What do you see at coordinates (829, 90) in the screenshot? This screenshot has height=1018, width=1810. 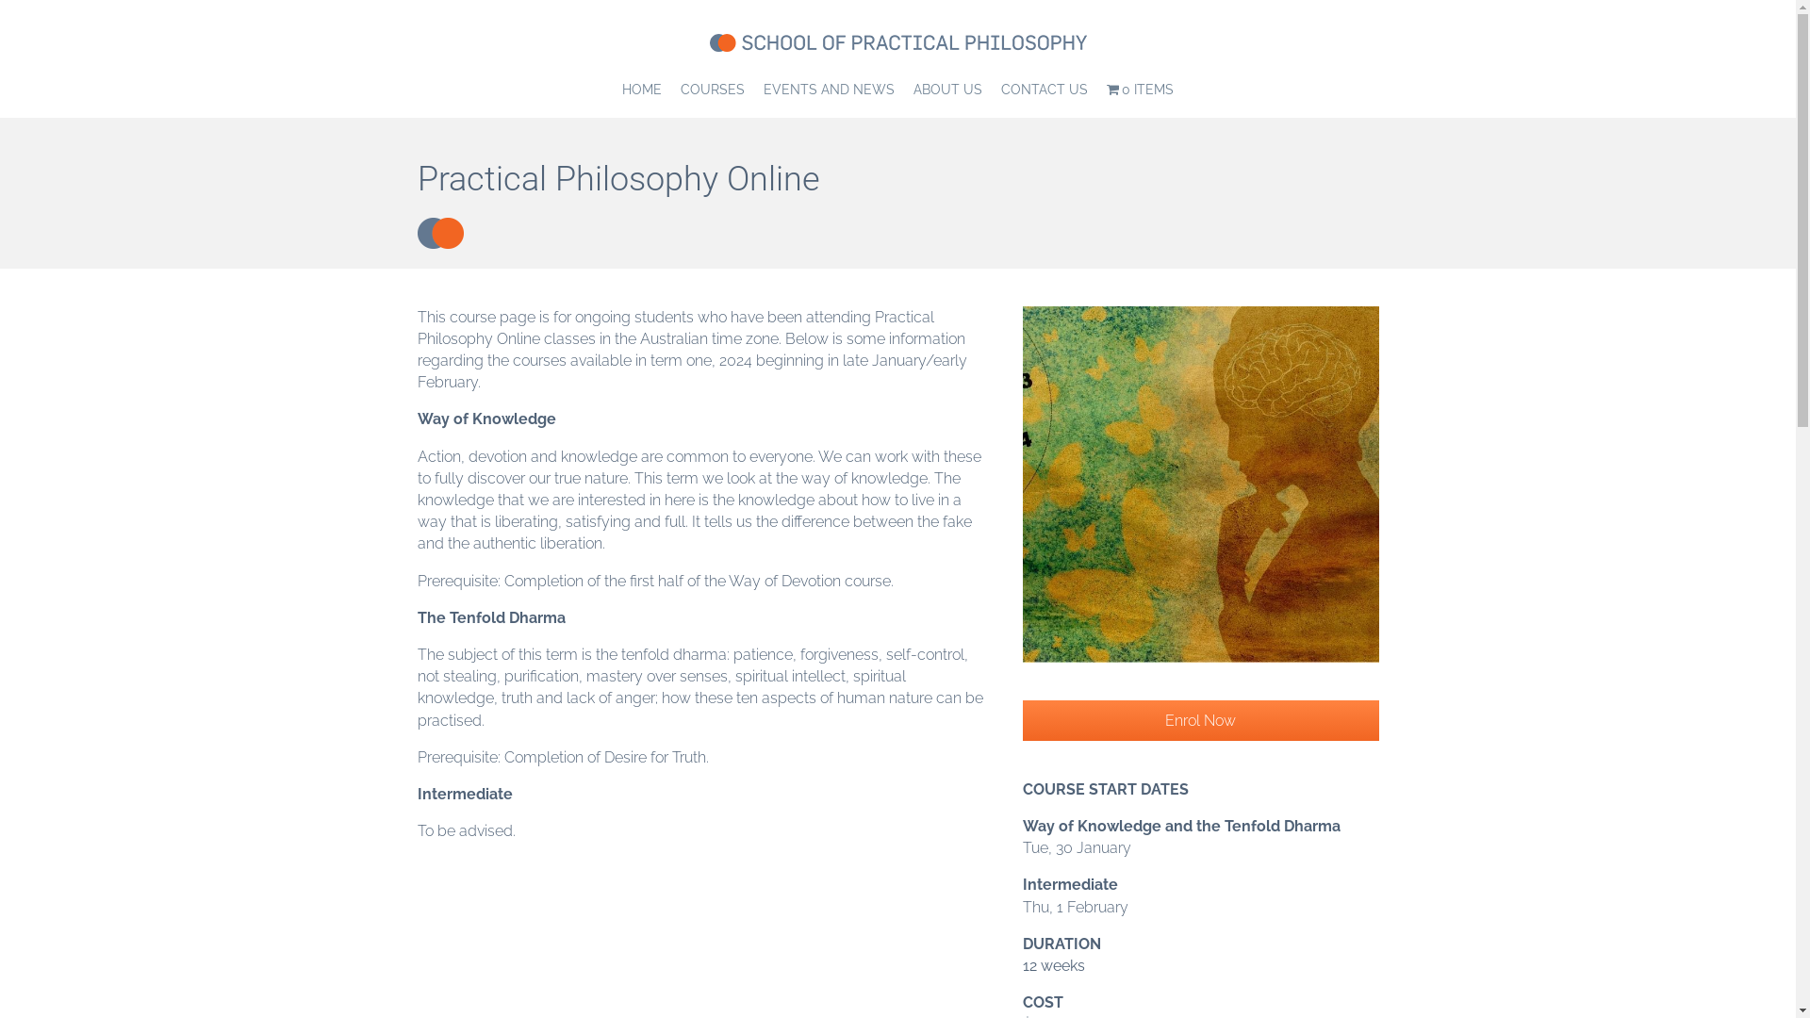 I see `'EVENTS AND NEWS'` at bounding box center [829, 90].